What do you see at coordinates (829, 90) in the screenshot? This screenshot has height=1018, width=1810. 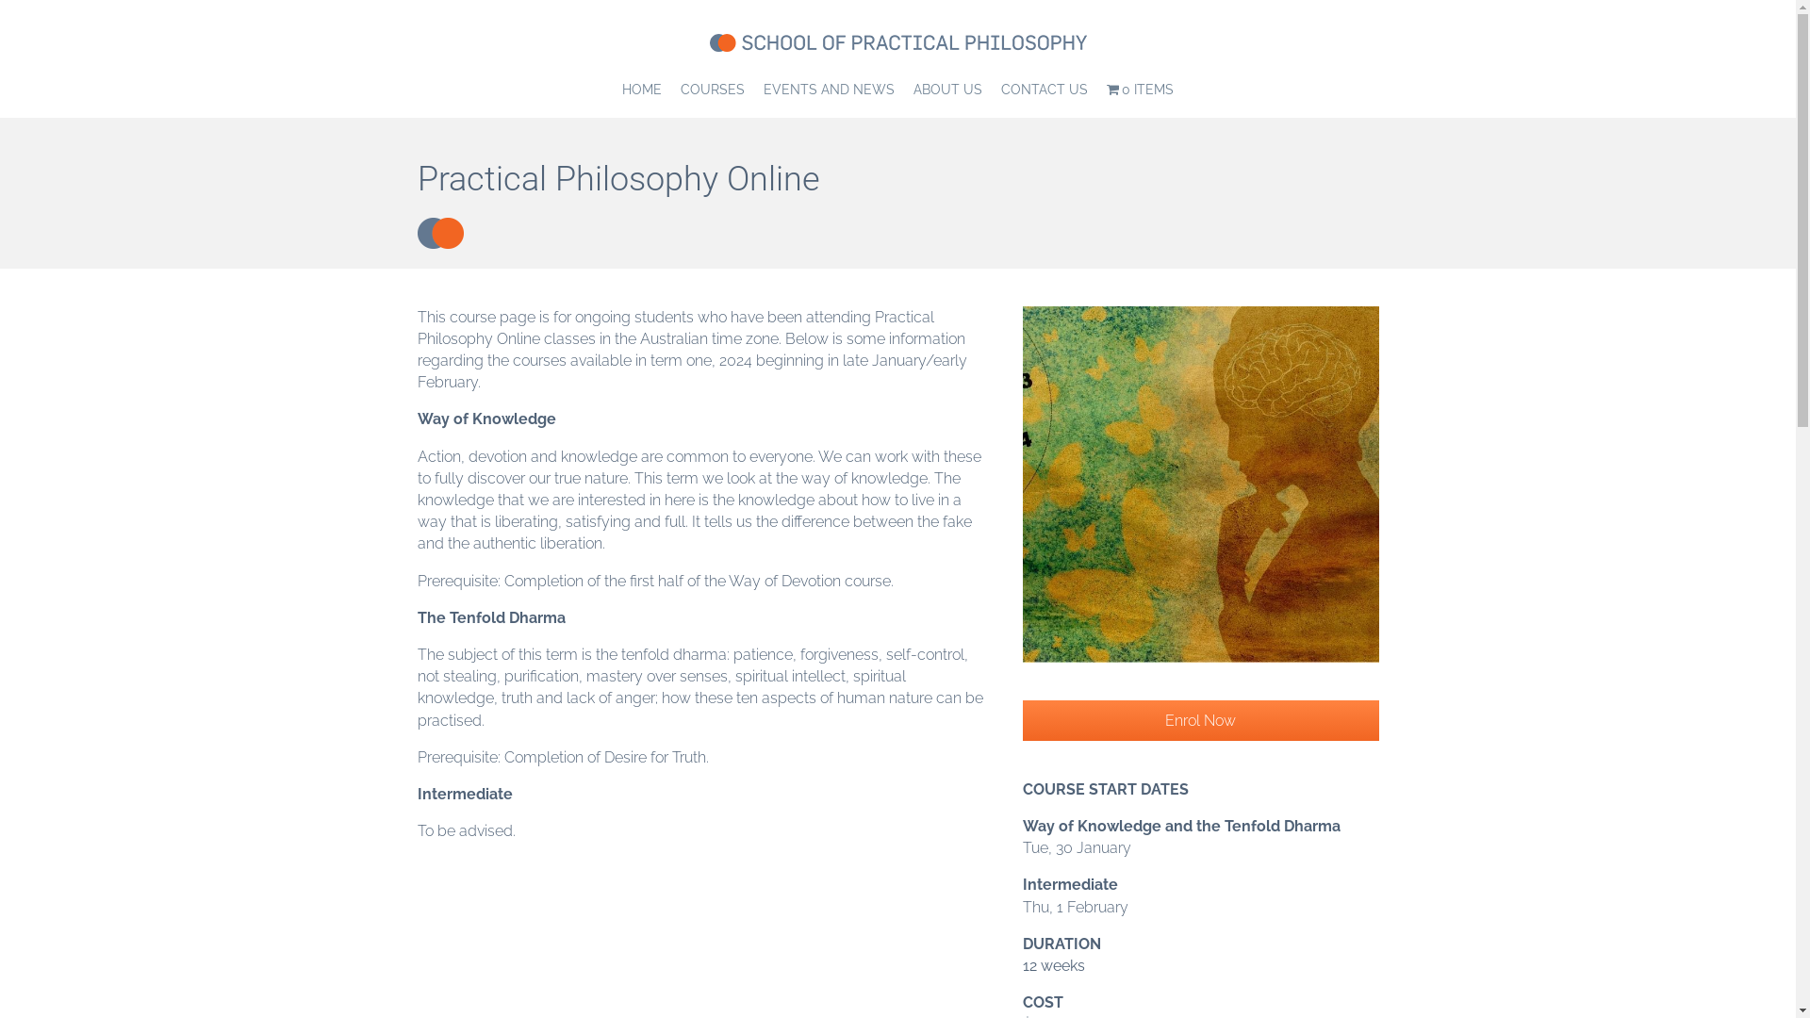 I see `'EVENTS AND NEWS'` at bounding box center [829, 90].